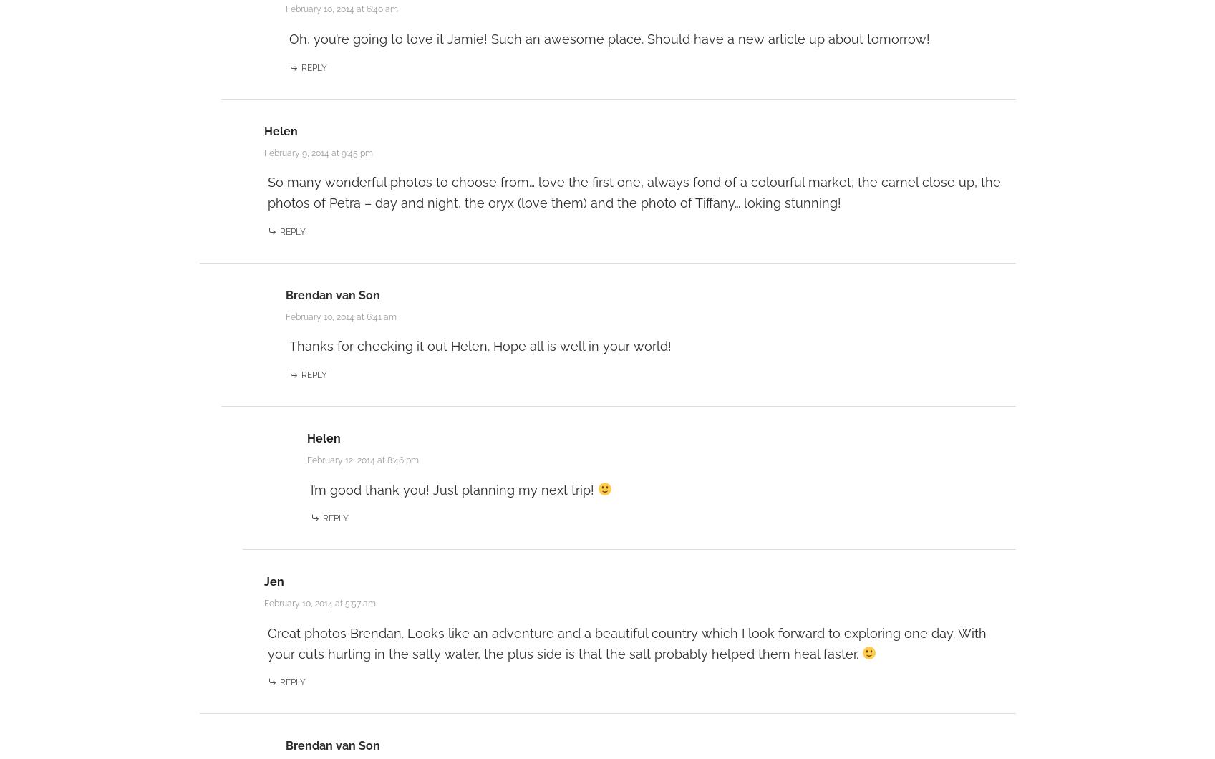 Image resolution: width=1215 pixels, height=759 pixels. I want to click on 'February 10, 2014 at 6:41 am', so click(340, 316).